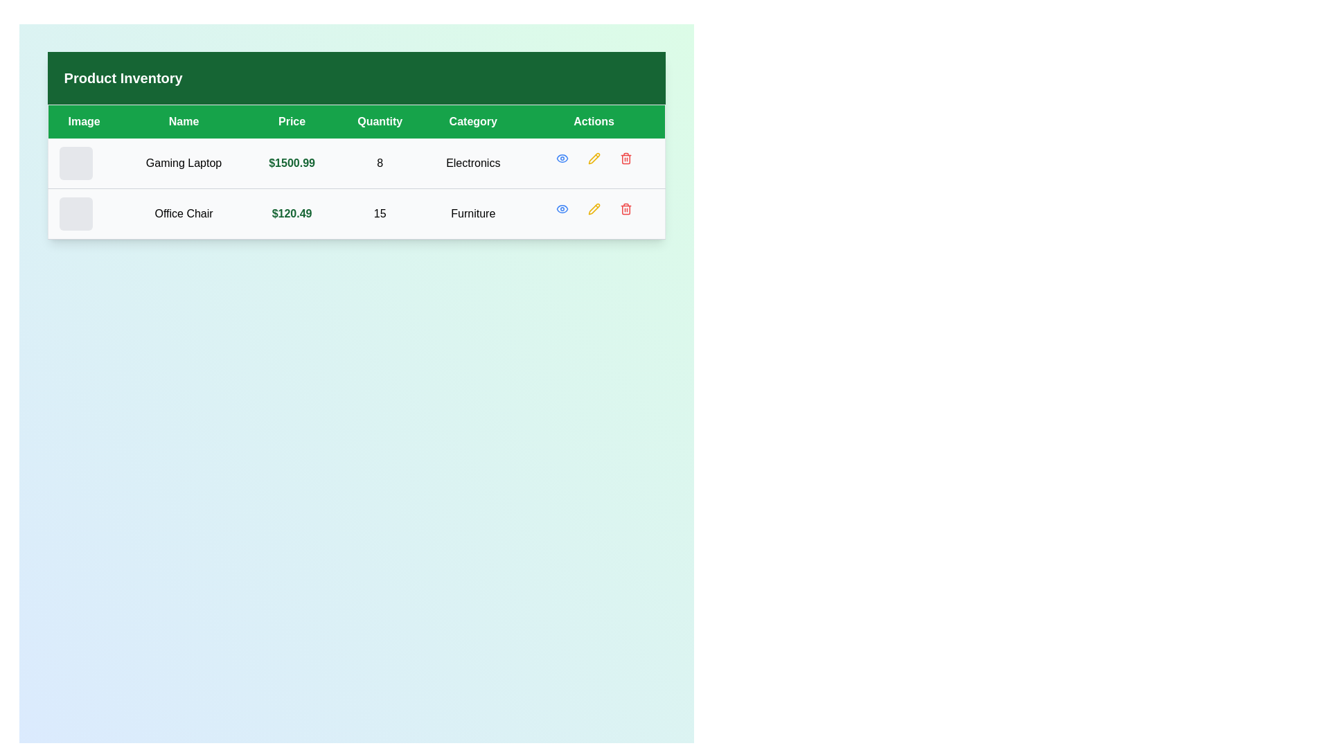 The width and height of the screenshot is (1330, 748). What do you see at coordinates (594, 121) in the screenshot?
I see `the 'Actions' column header, which displays bold white text against a green background, positioned as the last header in the row` at bounding box center [594, 121].